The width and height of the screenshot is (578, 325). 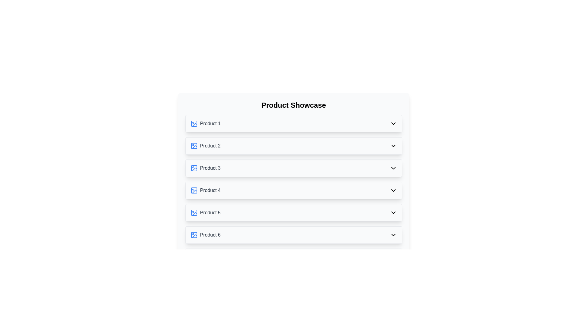 What do you see at coordinates (194, 212) in the screenshot?
I see `the image icon next to the product titled Product 5` at bounding box center [194, 212].